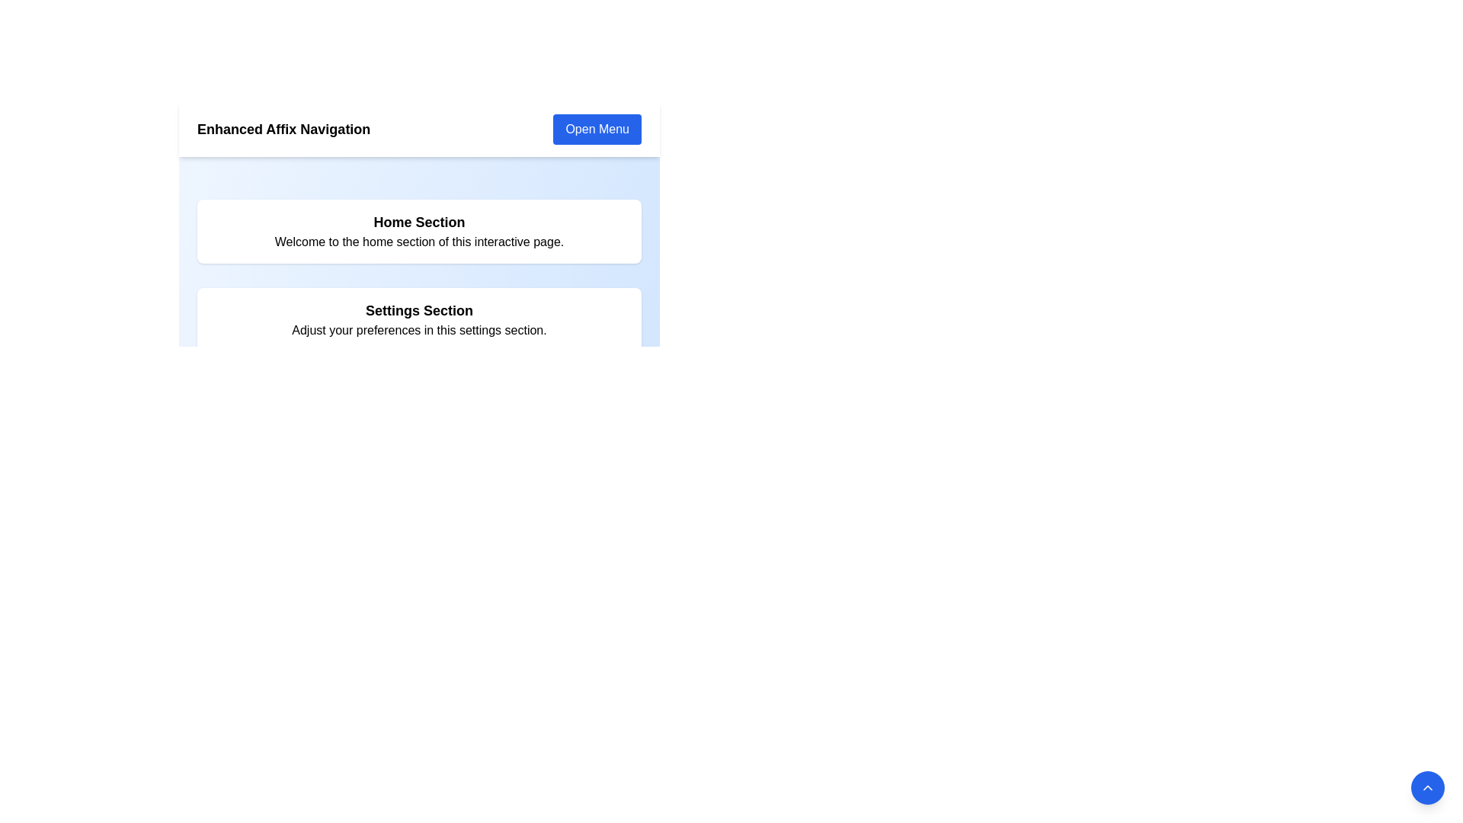  I want to click on the circular button with a blue background and white chevron icon located in the lower-right corner of the interface, so click(1426, 787).